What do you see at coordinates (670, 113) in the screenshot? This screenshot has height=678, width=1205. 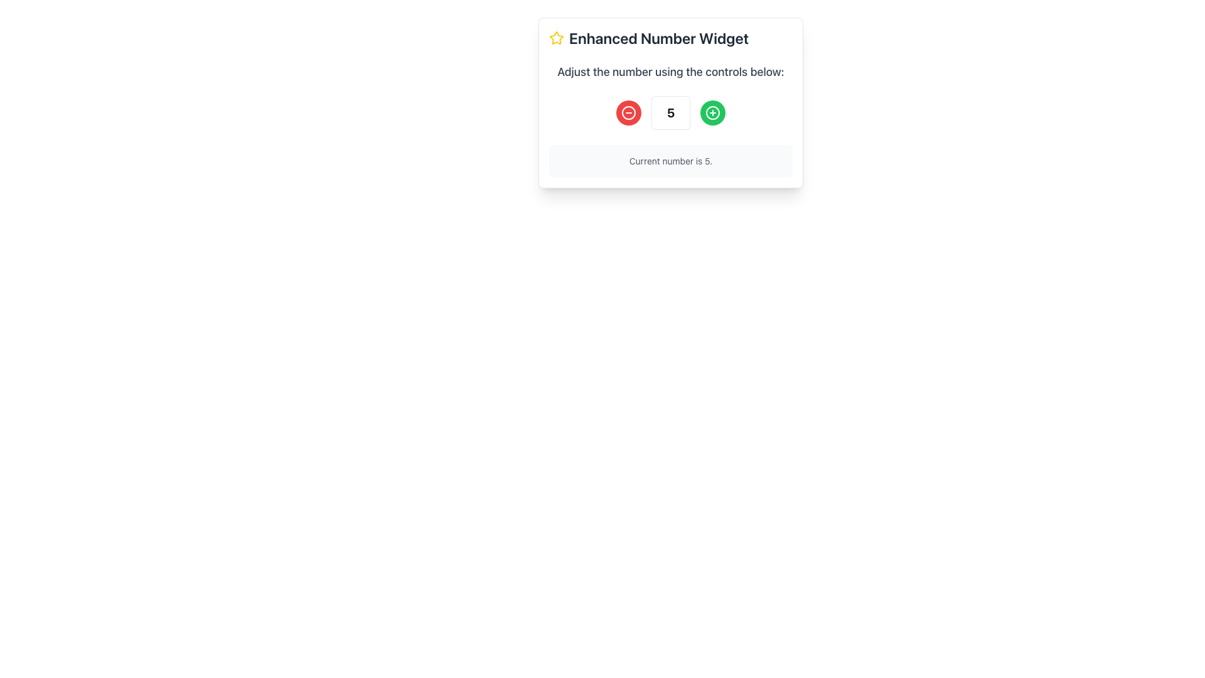 I see `the Text Display element that shows the number '5', which is bordered and positioned between '+' and '-' buttons in the Enhanced Number Widget` at bounding box center [670, 113].